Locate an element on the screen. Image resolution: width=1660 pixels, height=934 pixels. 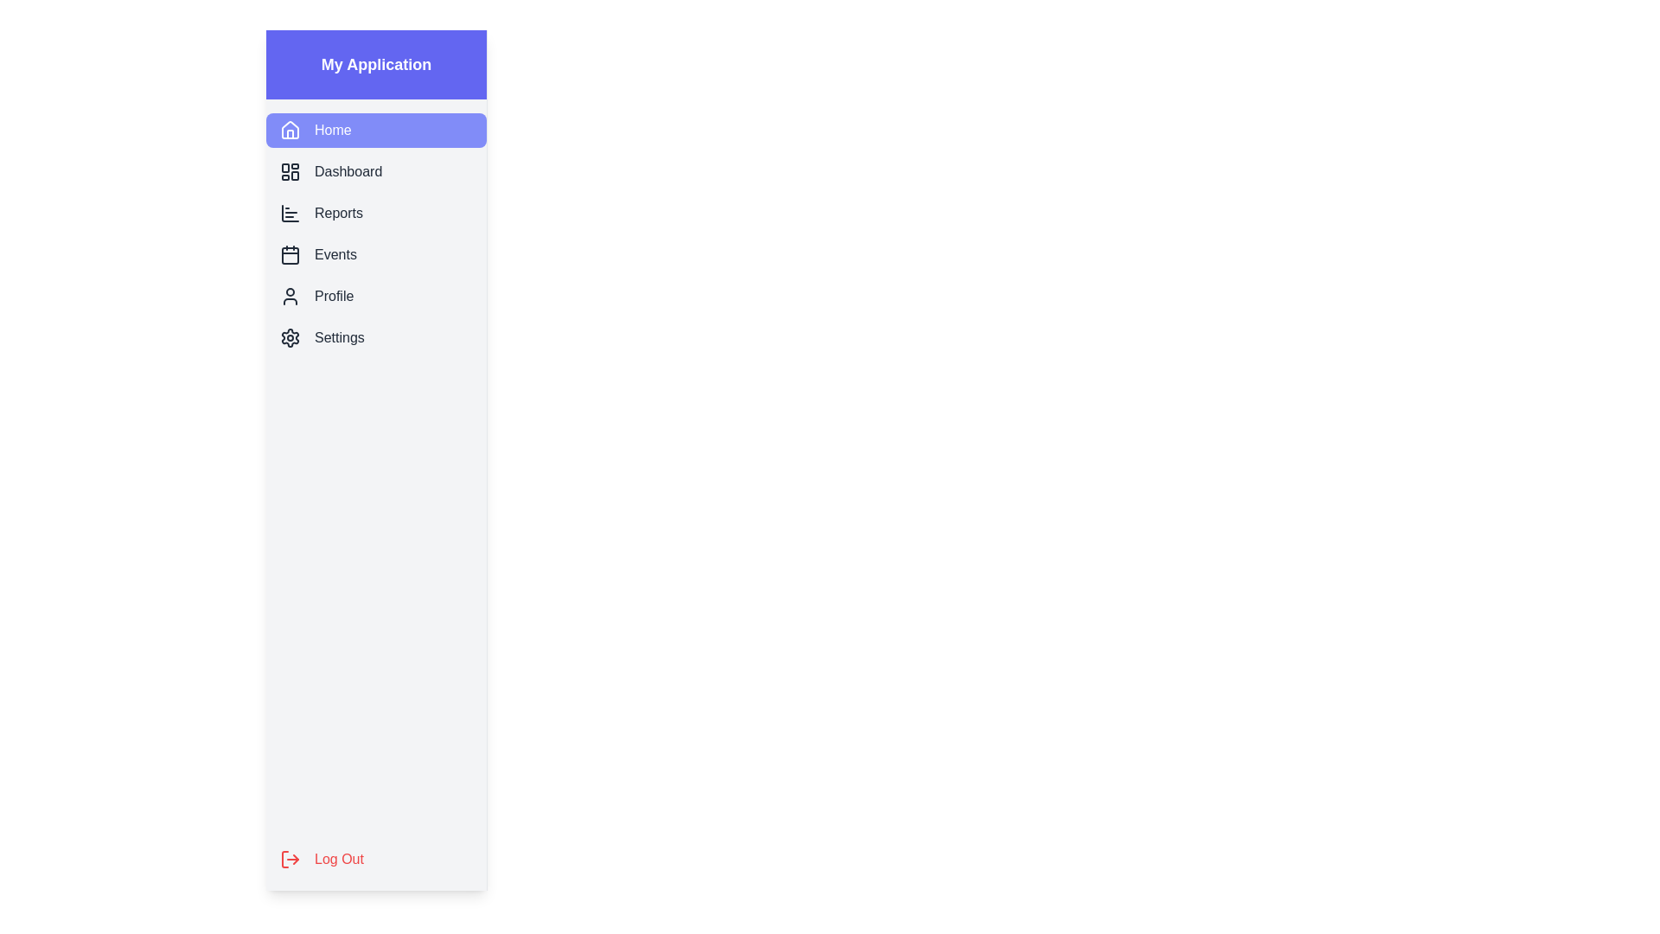
the calendar icon located in the sidebar navigation menu, which is the third icon from the top and positioned to the left of the 'Events' text is located at coordinates (290, 254).